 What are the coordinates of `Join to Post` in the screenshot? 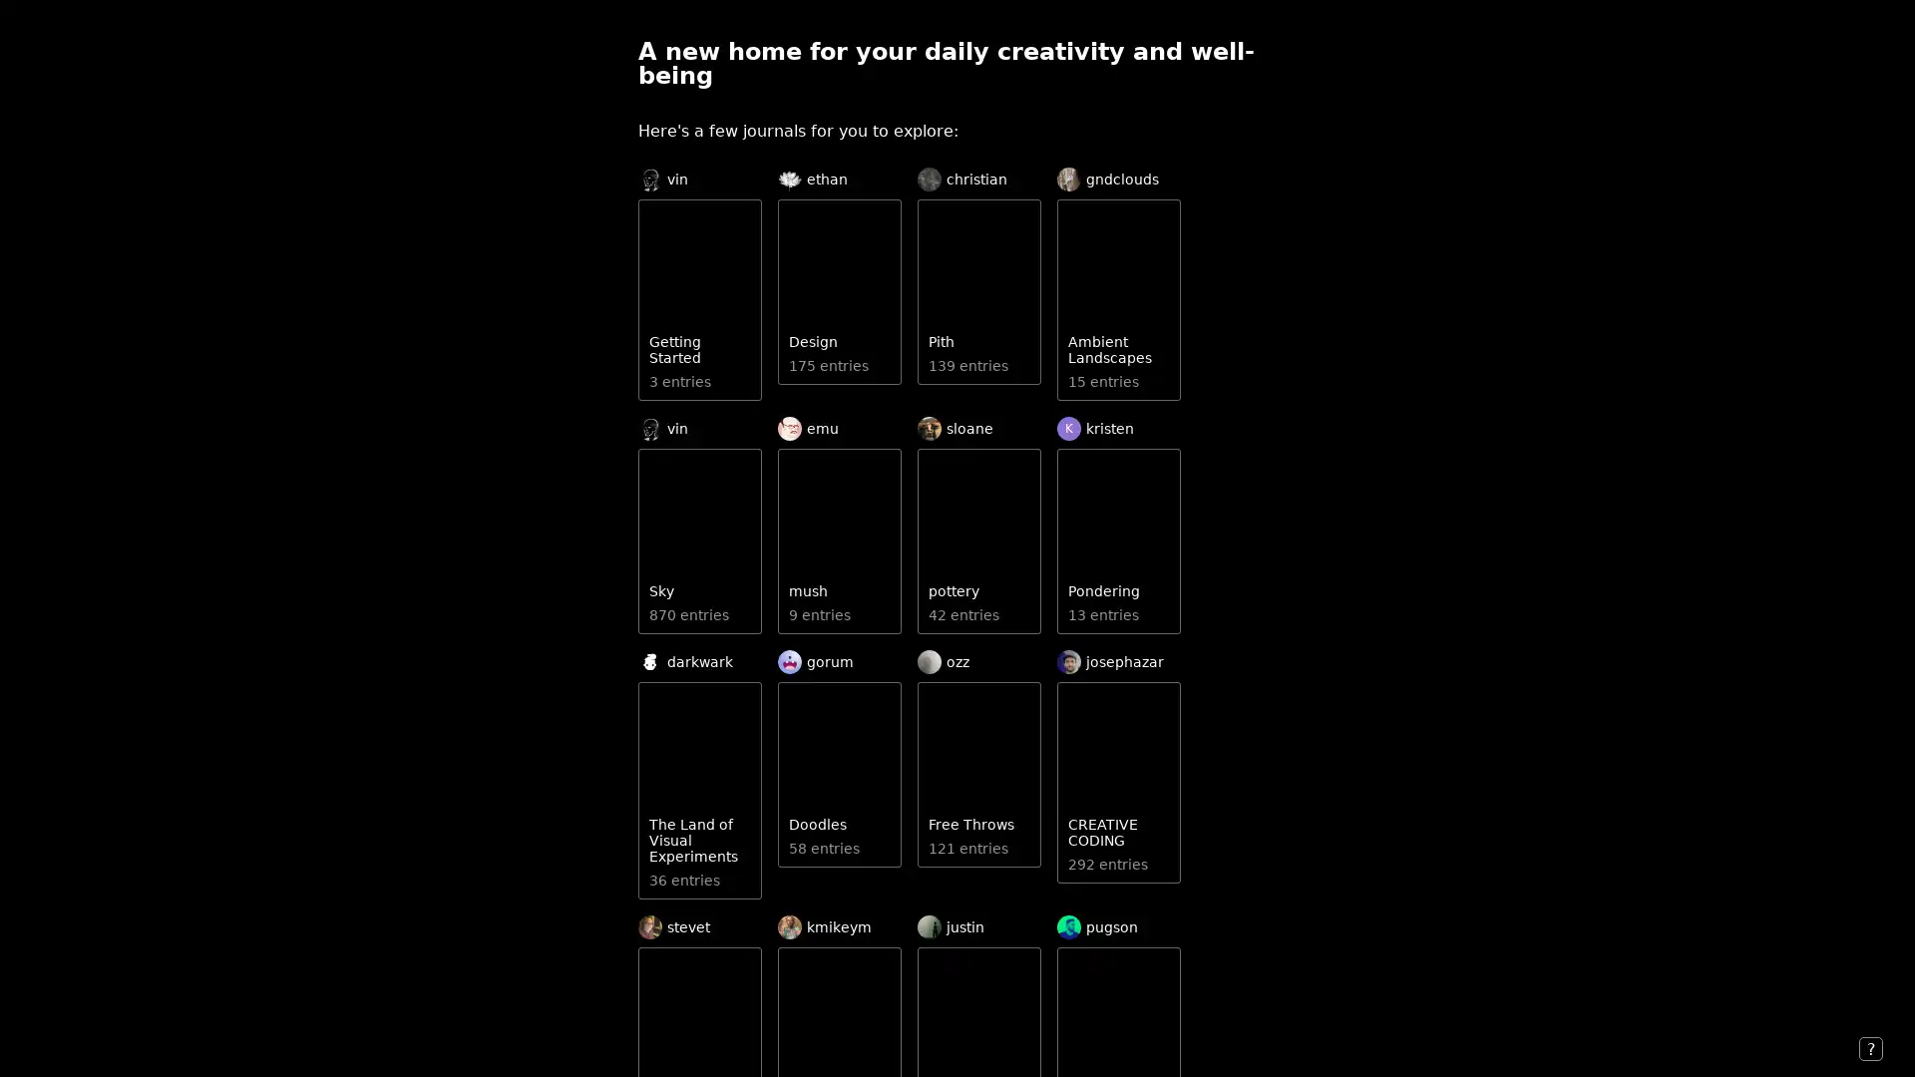 It's located at (200, 1037).